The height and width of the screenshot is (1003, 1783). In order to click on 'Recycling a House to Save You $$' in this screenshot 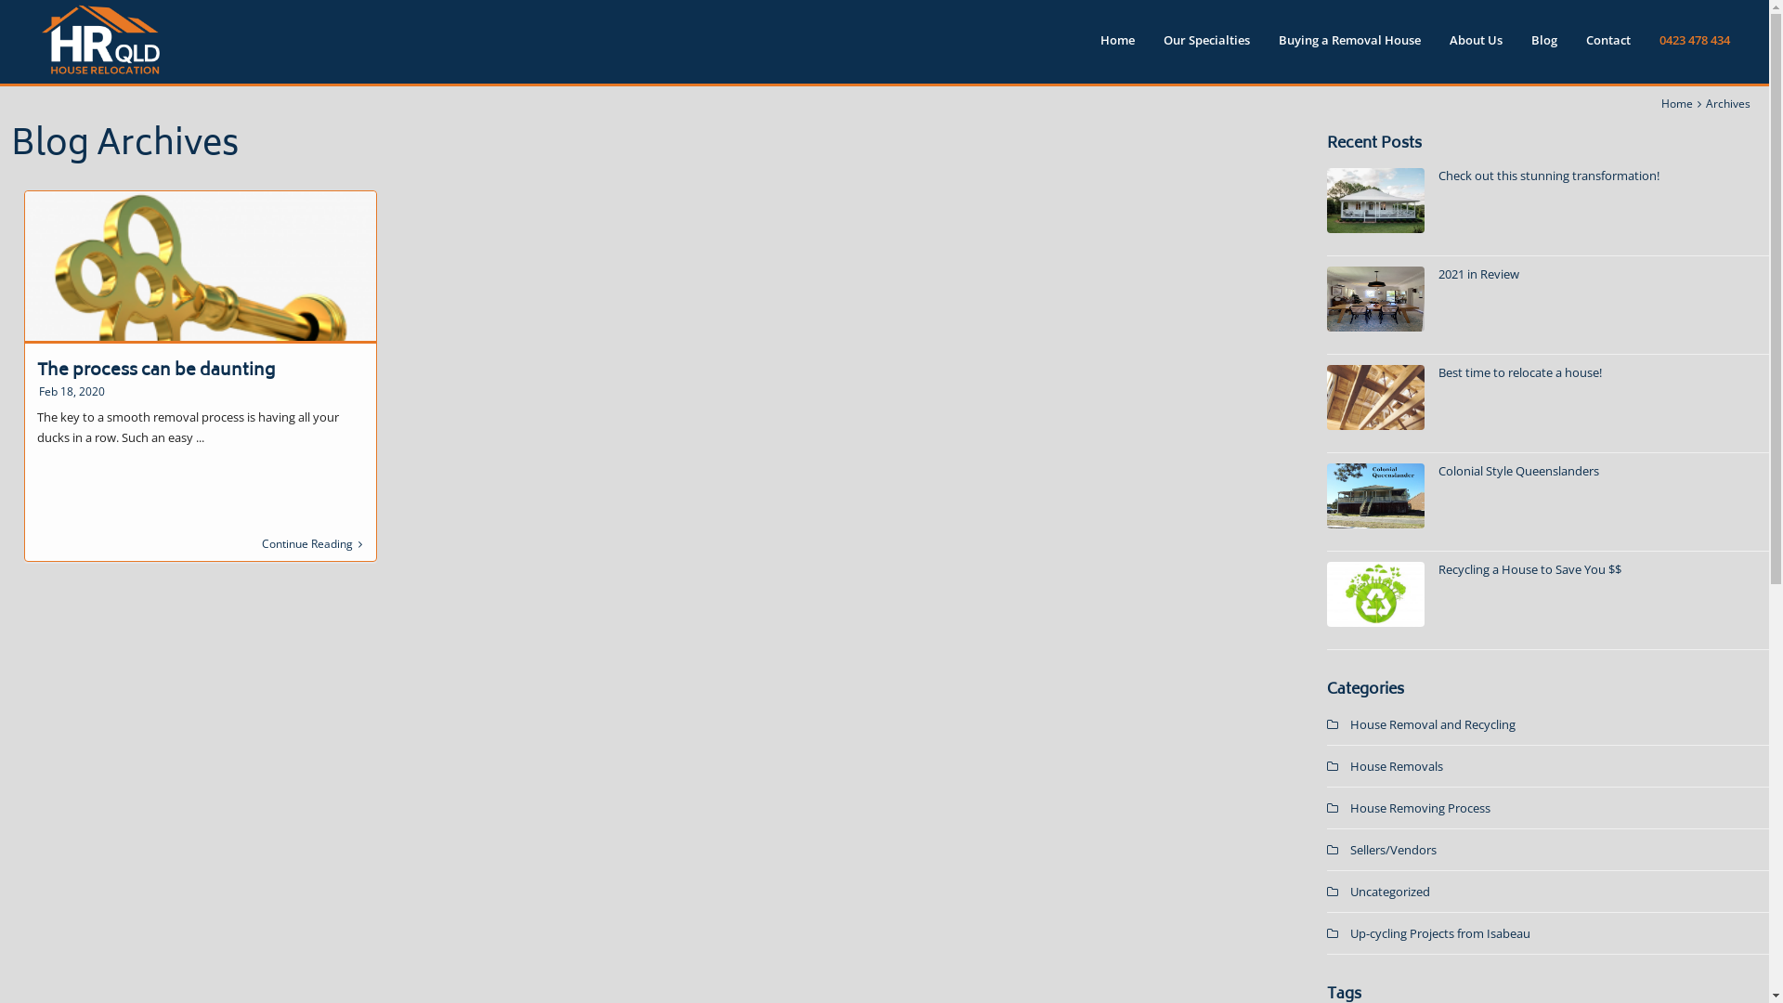, I will do `click(1529, 568)`.